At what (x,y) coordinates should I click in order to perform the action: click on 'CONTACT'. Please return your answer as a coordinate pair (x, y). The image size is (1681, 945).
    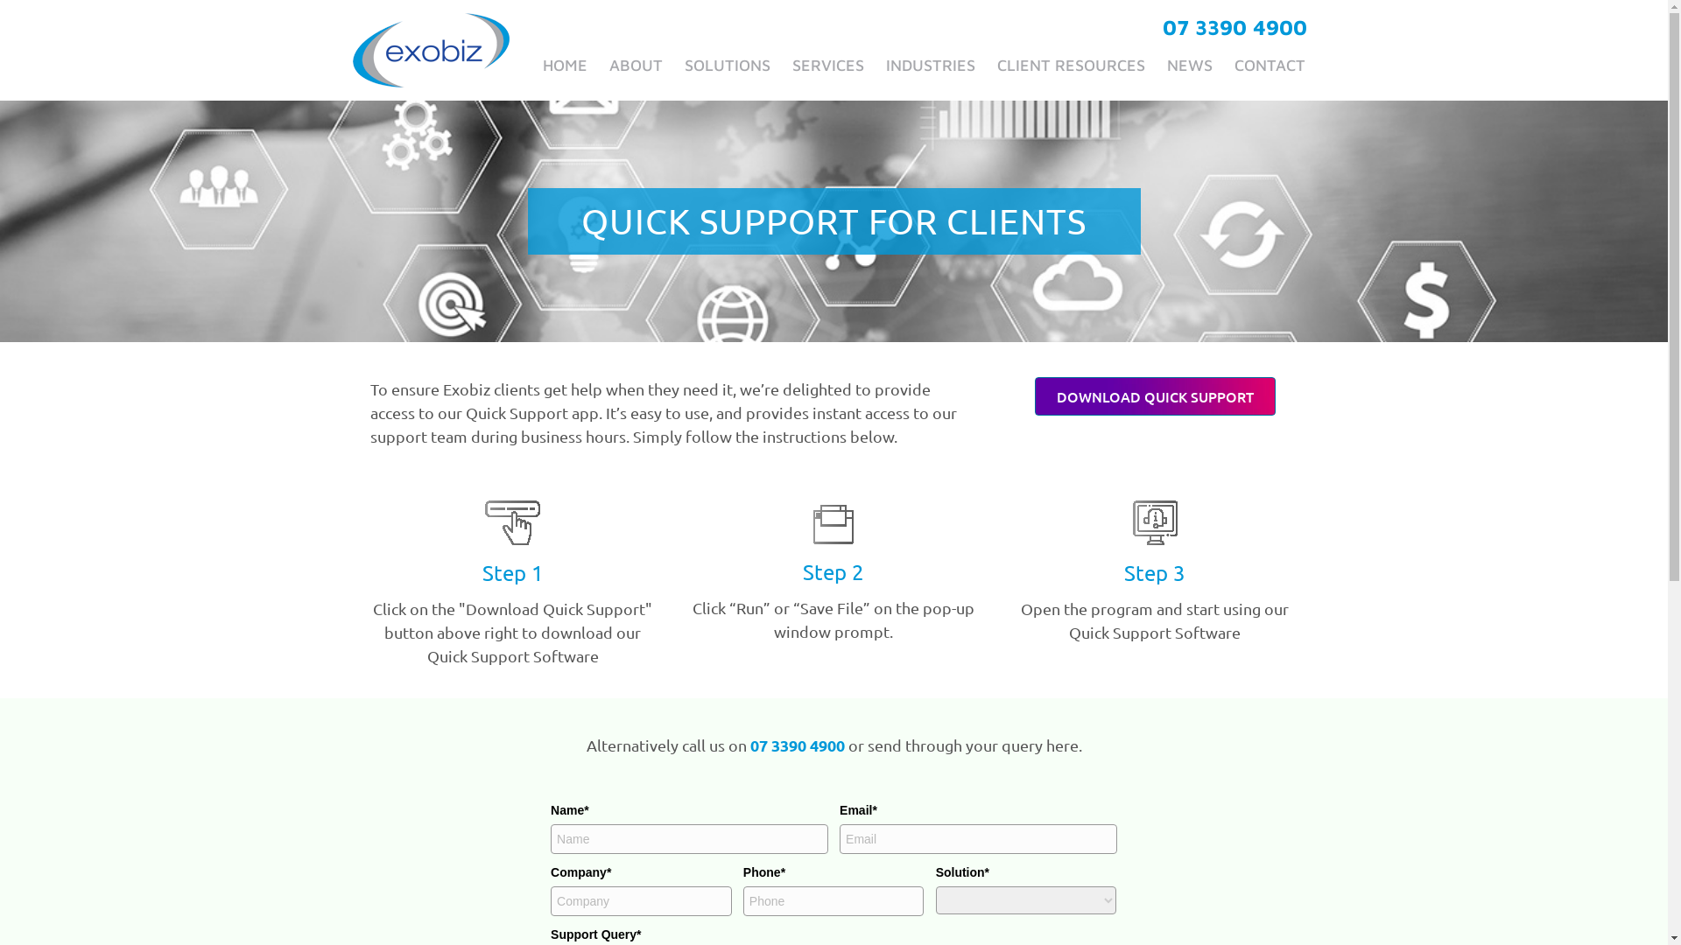
    Looking at the image, I should click on (1270, 64).